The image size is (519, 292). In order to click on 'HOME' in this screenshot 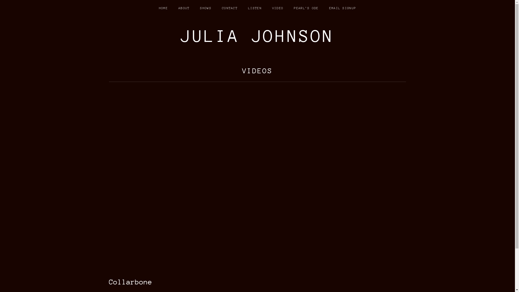, I will do `click(163, 8)`.